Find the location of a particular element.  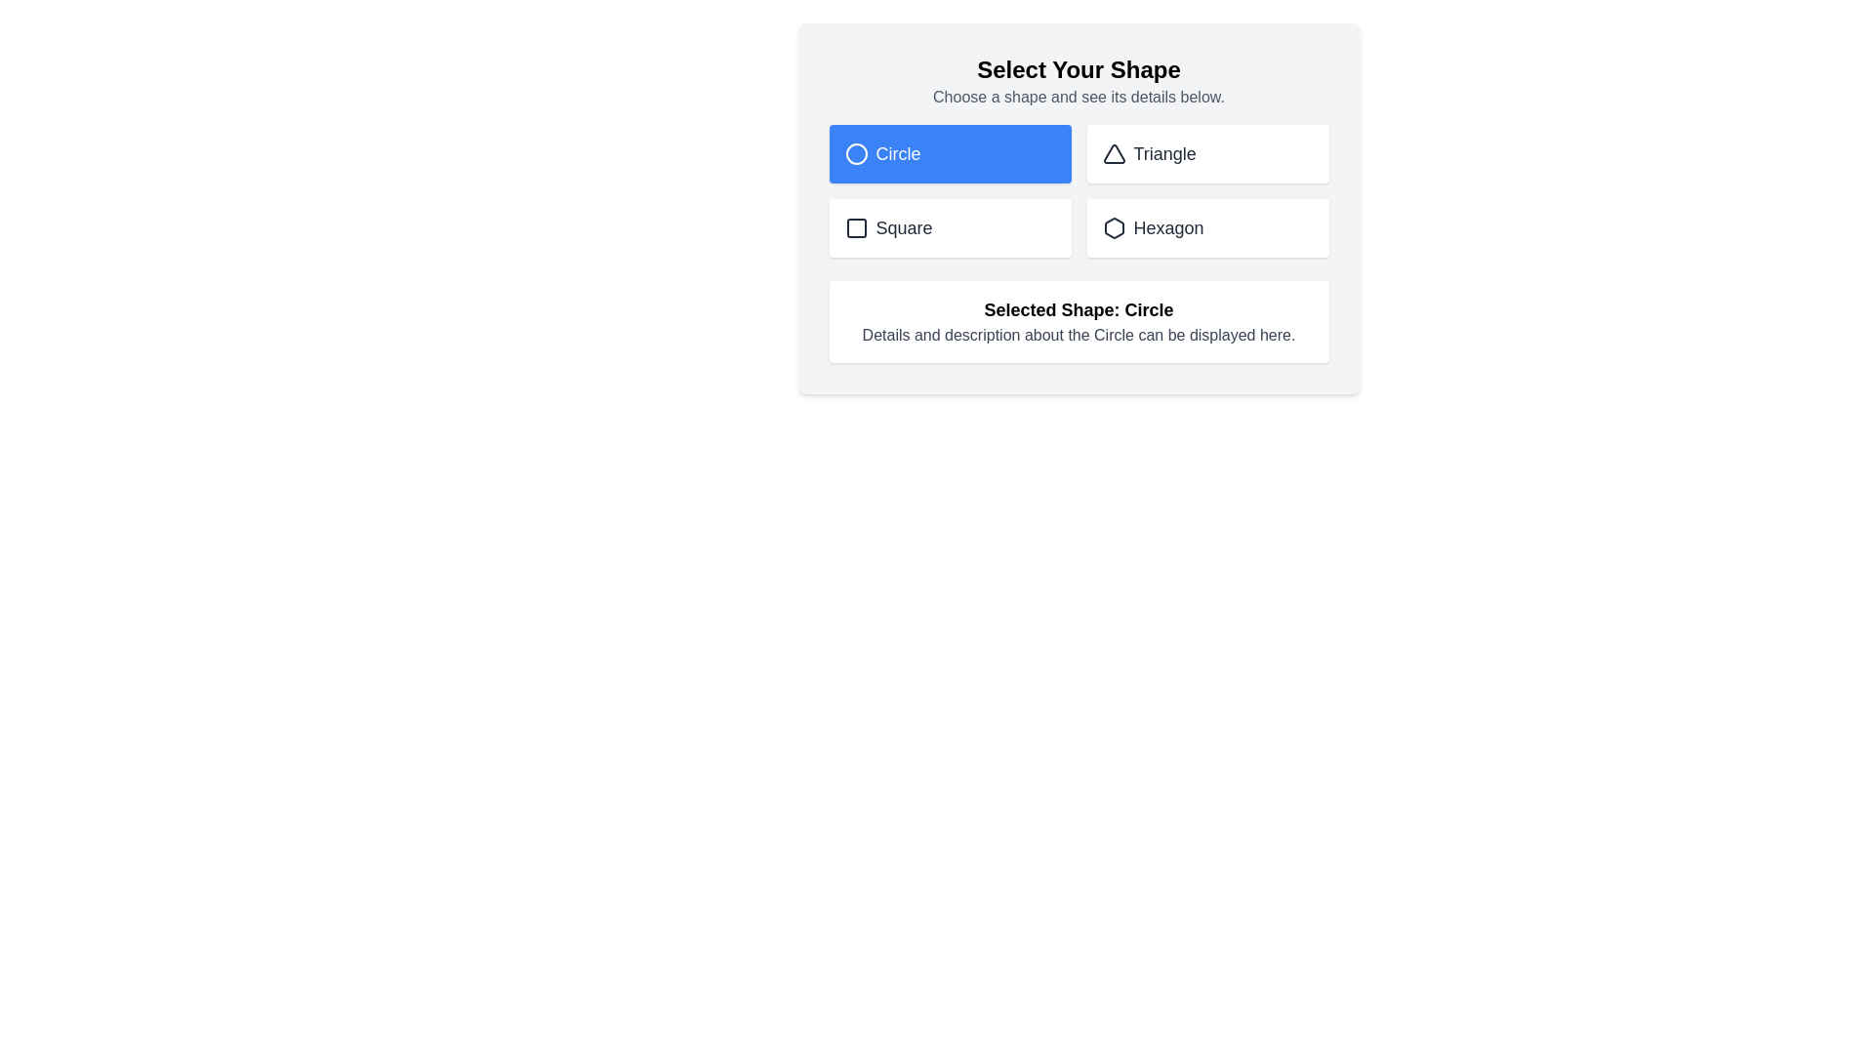

the hexagonal-shaped graphic icon outlined in dark color is located at coordinates (1114, 227).